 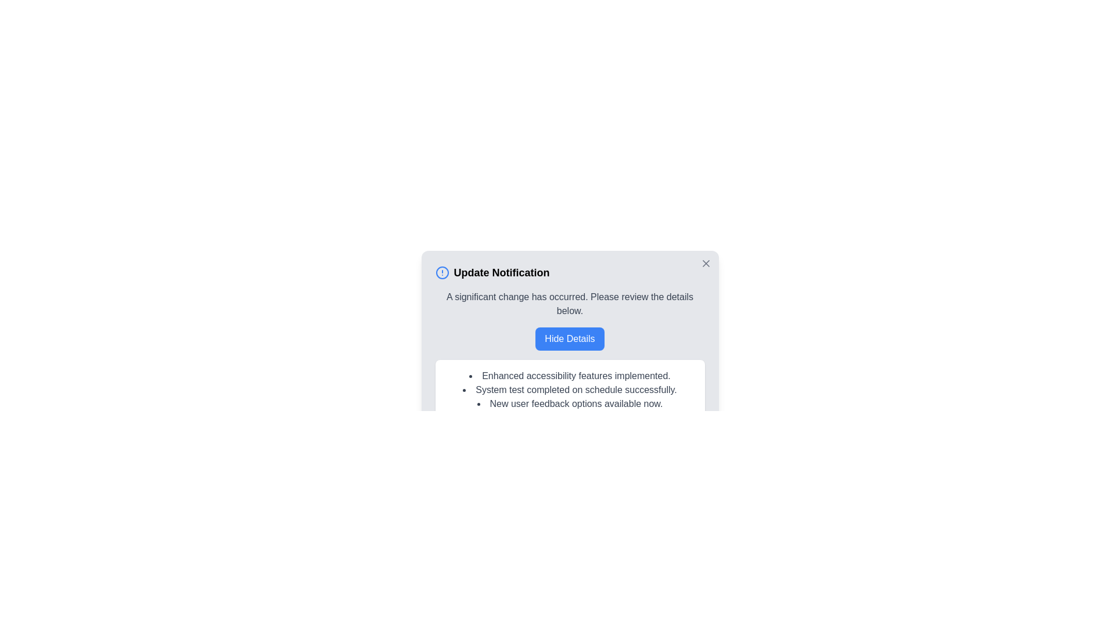 What do you see at coordinates (569, 338) in the screenshot?
I see `the 'Hide Details' button` at bounding box center [569, 338].